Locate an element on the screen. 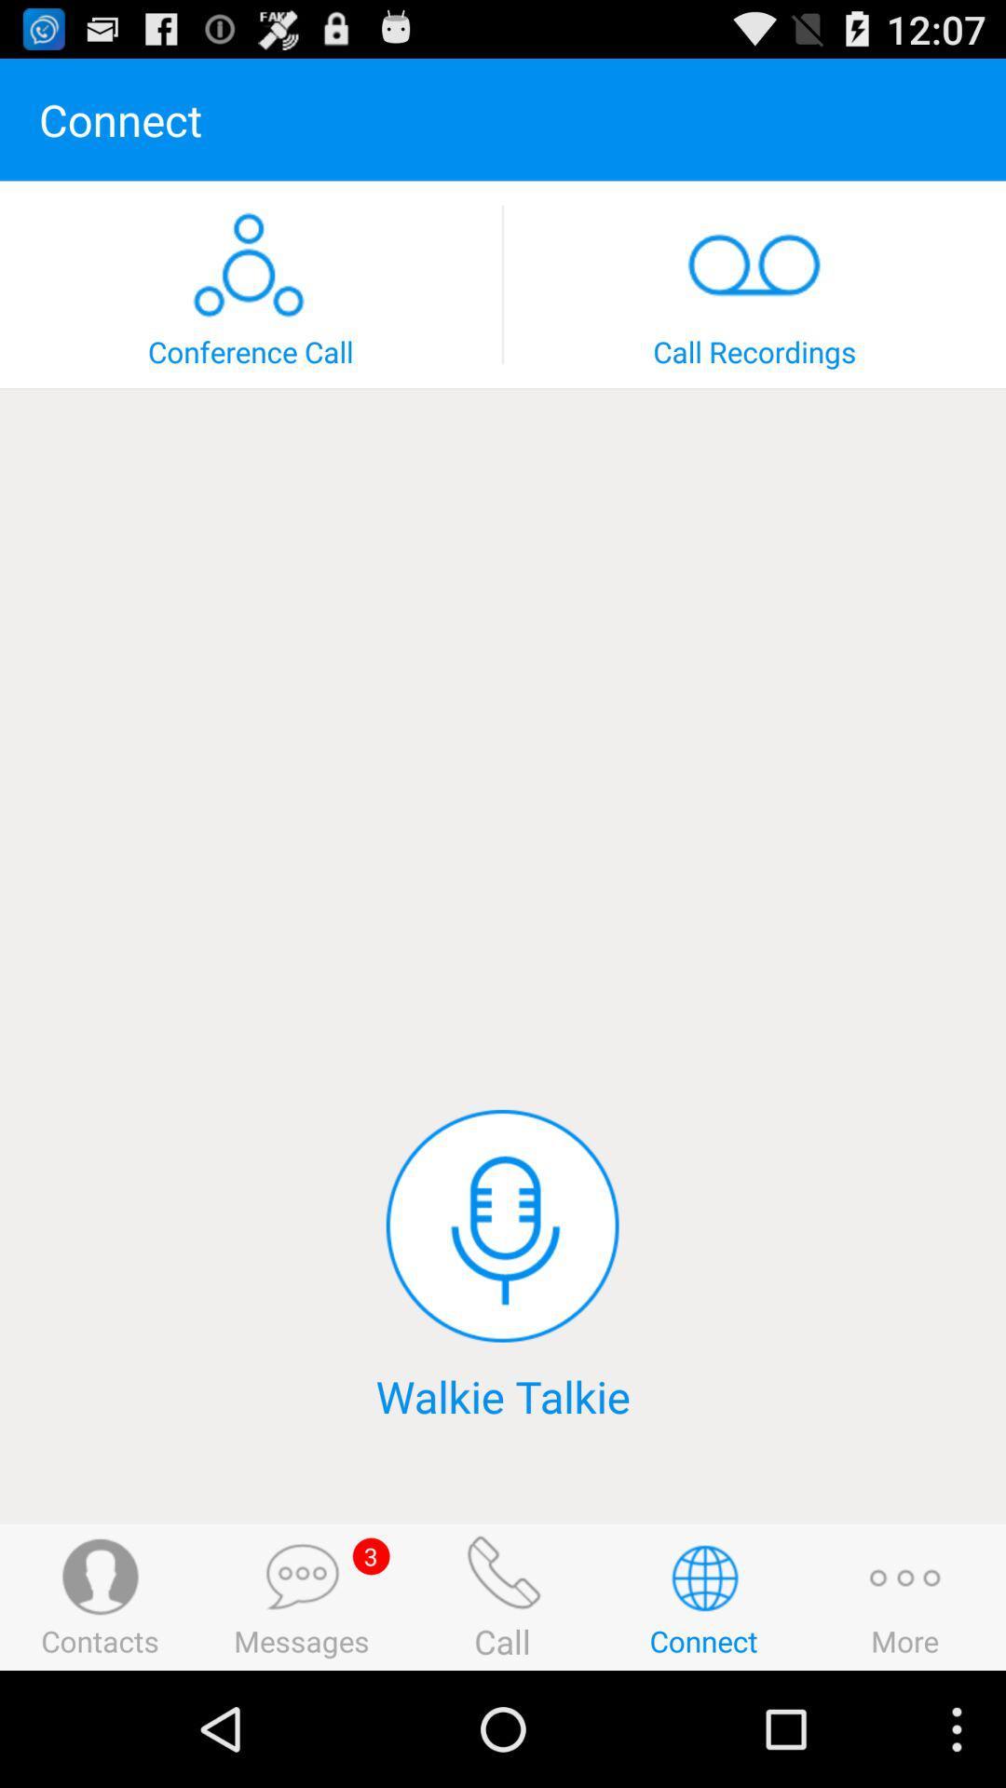 This screenshot has height=1788, width=1006. item above walkie talkie icon is located at coordinates (501, 1226).